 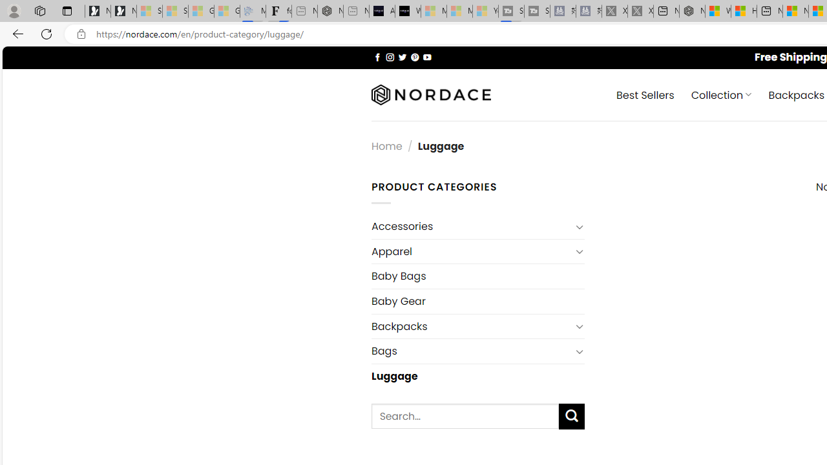 What do you see at coordinates (645, 94) in the screenshot?
I see `' Best Sellers'` at bounding box center [645, 94].